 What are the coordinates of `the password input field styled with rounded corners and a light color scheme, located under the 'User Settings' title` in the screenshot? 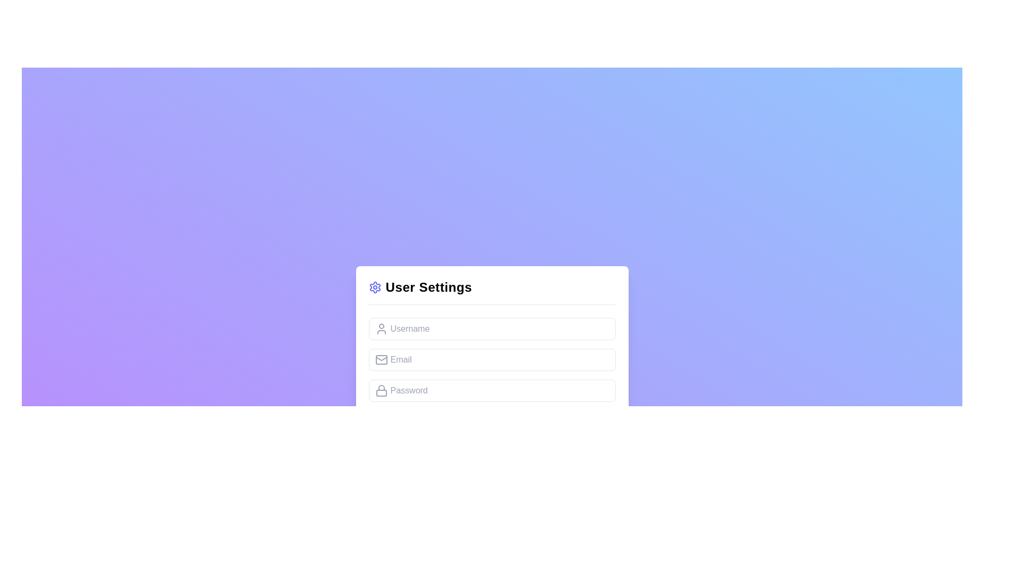 It's located at (491, 390).